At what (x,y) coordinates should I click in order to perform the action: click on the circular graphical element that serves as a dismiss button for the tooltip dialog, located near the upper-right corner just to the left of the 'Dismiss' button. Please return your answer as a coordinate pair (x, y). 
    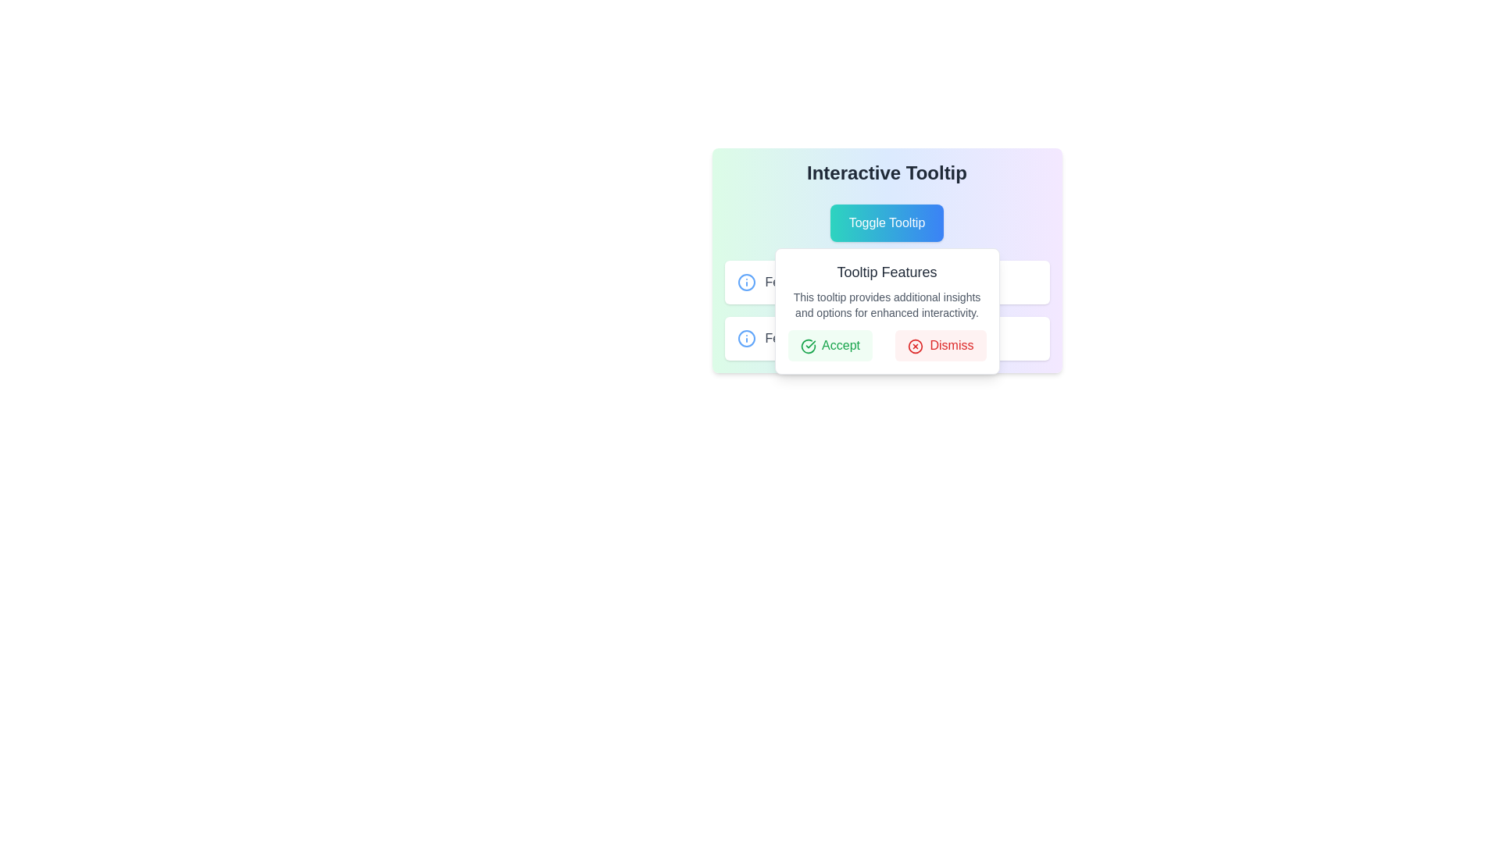
    Looking at the image, I should click on (915, 345).